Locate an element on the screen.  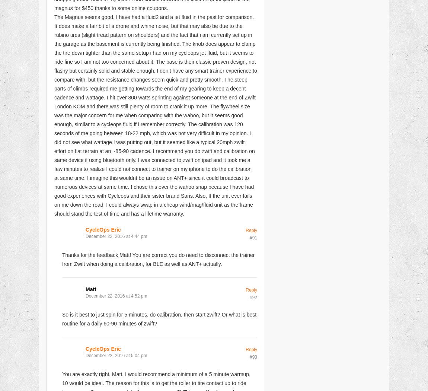
'December 22, 2016 at 5:04 pm' is located at coordinates (85, 355).